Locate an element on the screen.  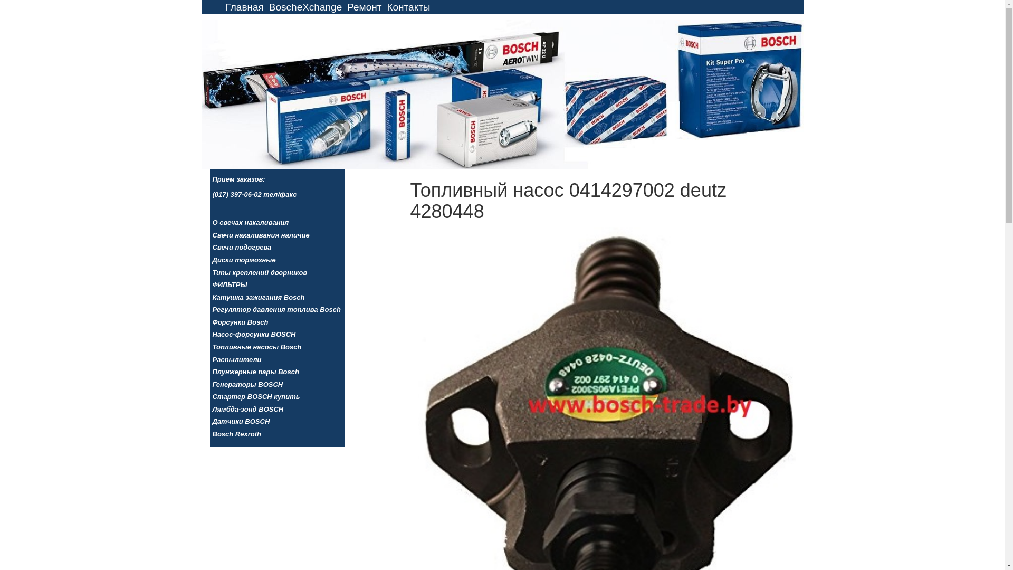
'BoscheXchange' is located at coordinates (305, 7).